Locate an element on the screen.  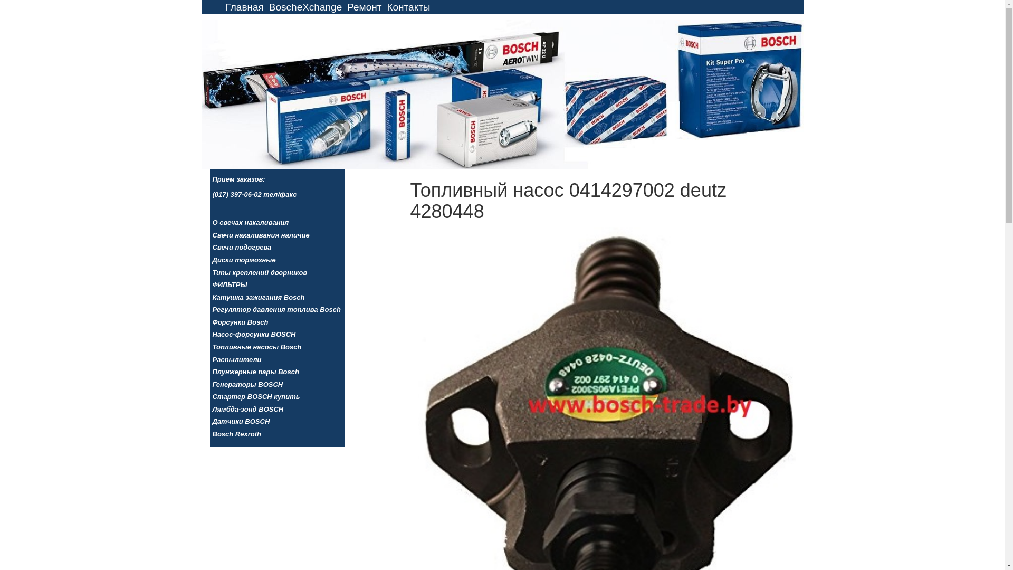
'BoscheXchange' is located at coordinates (305, 7).